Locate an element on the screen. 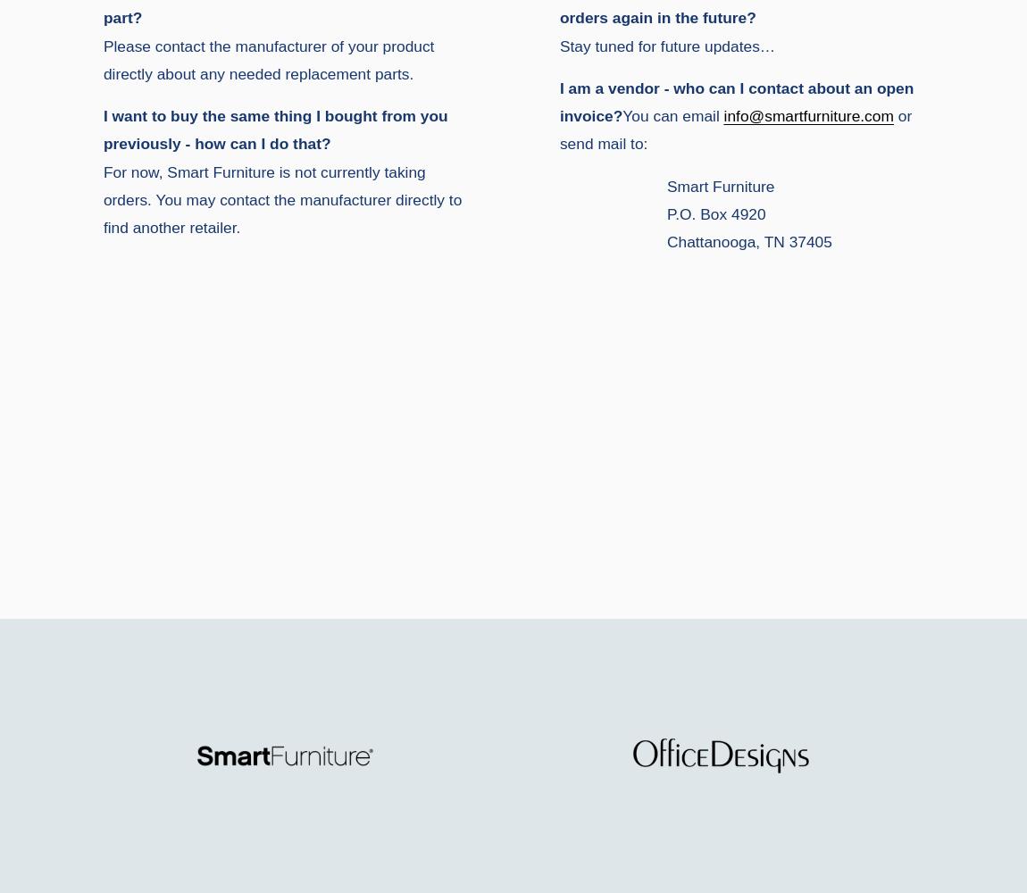 This screenshot has height=893, width=1027. 'Stay tuned for future updates…' is located at coordinates (666, 46).